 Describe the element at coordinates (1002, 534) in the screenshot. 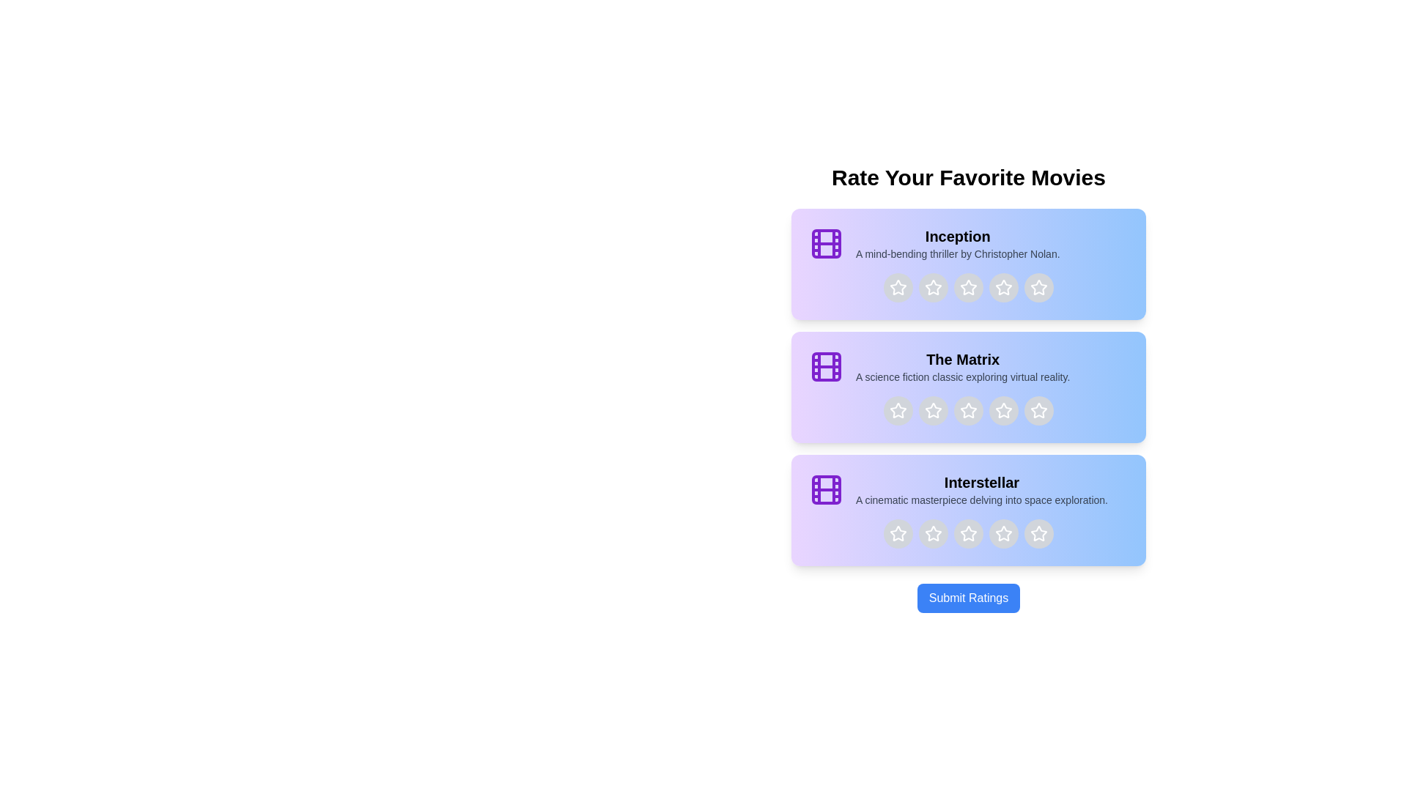

I see `the star corresponding to 4 stars for the movie titled Interstellar` at that location.